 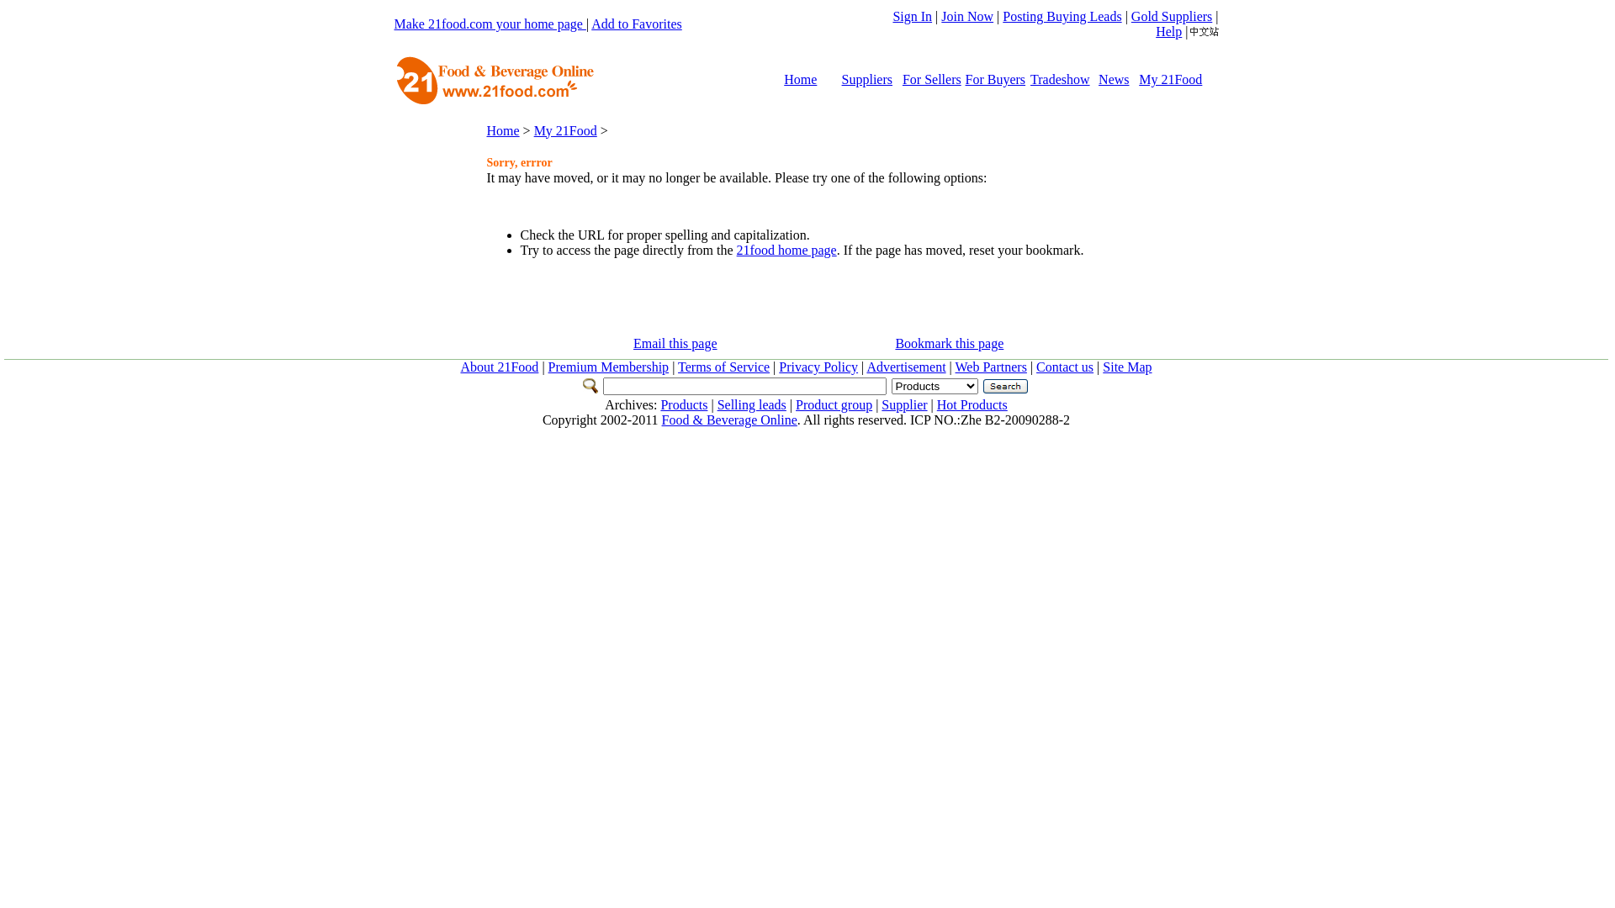 I want to click on 'Web Partners', so click(x=991, y=366).